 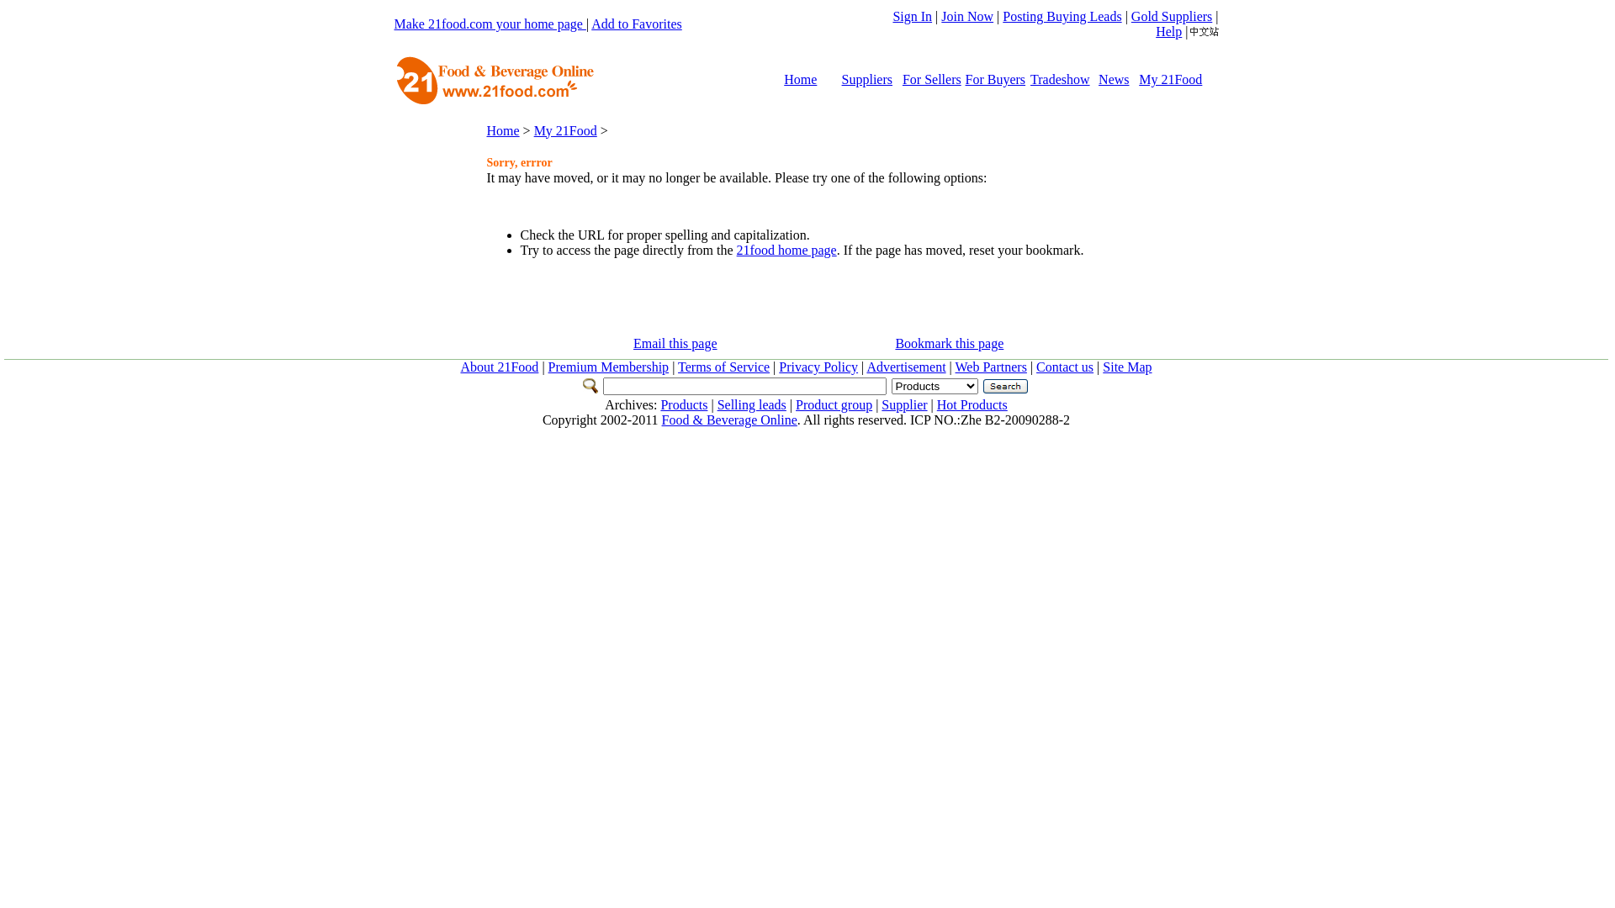 I want to click on 'Web Partners', so click(x=991, y=366).